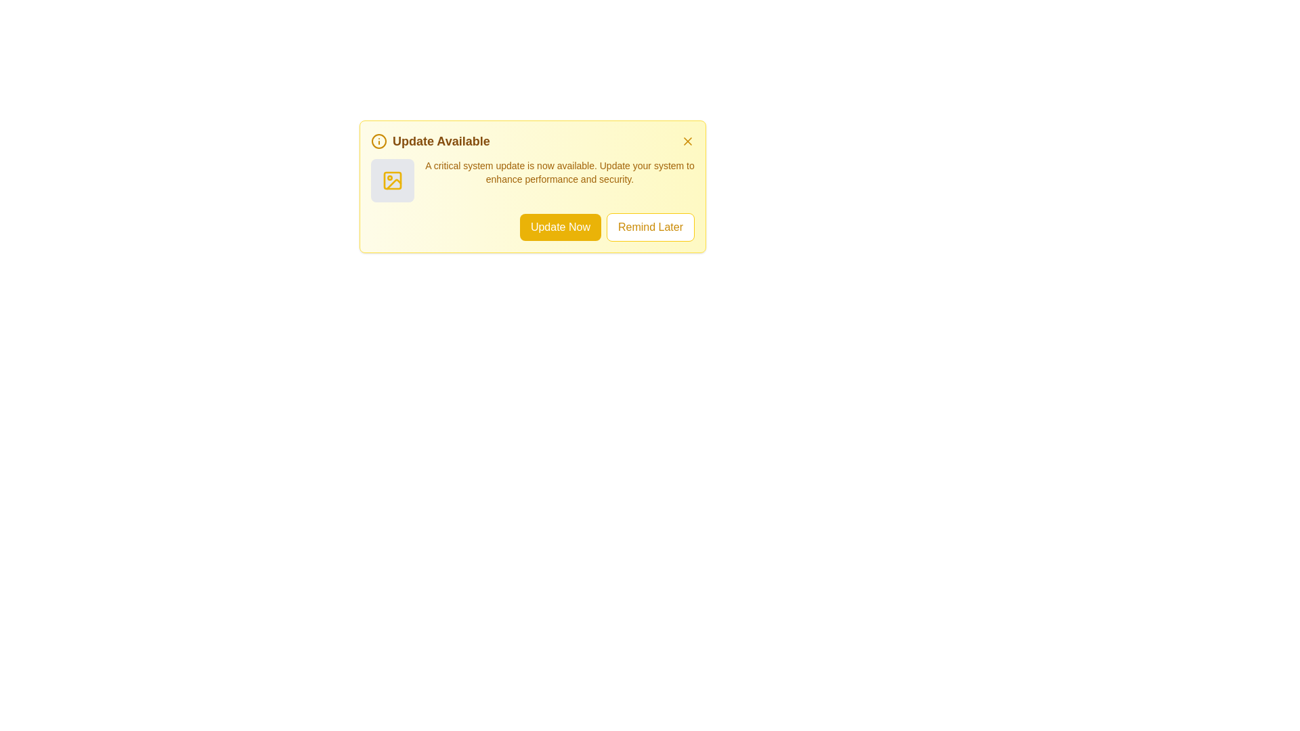 This screenshot has height=731, width=1300. Describe the element at coordinates (688, 141) in the screenshot. I see `the close button to dismiss the alert` at that location.